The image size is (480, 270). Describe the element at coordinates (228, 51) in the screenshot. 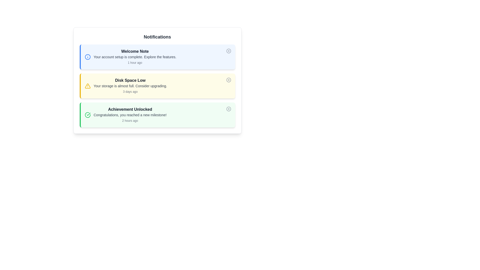

I see `the dismiss button located in the top-right corner of the 'Welcome Note' notification card` at that location.